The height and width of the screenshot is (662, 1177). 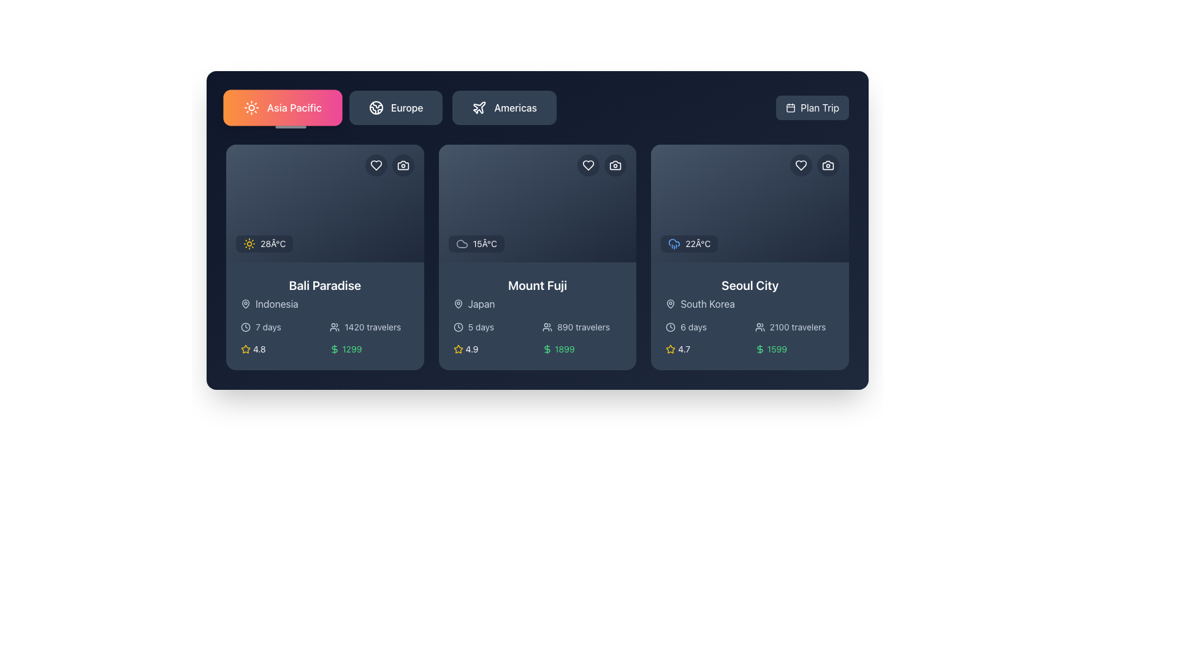 What do you see at coordinates (707, 303) in the screenshot?
I see `the text label displaying 'South Korea' located within the card interface for 'Seoul City', which is positioned below the city name and beside a map pin icon` at bounding box center [707, 303].